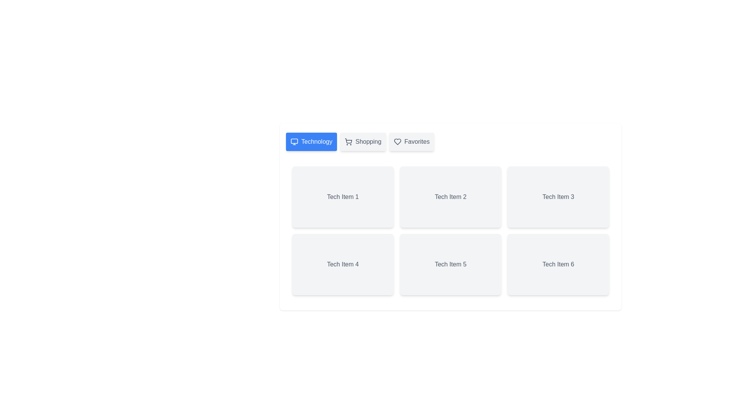 This screenshot has height=414, width=737. I want to click on the tab labeled 'Technology' to potentially reveal additional information, so click(311, 142).